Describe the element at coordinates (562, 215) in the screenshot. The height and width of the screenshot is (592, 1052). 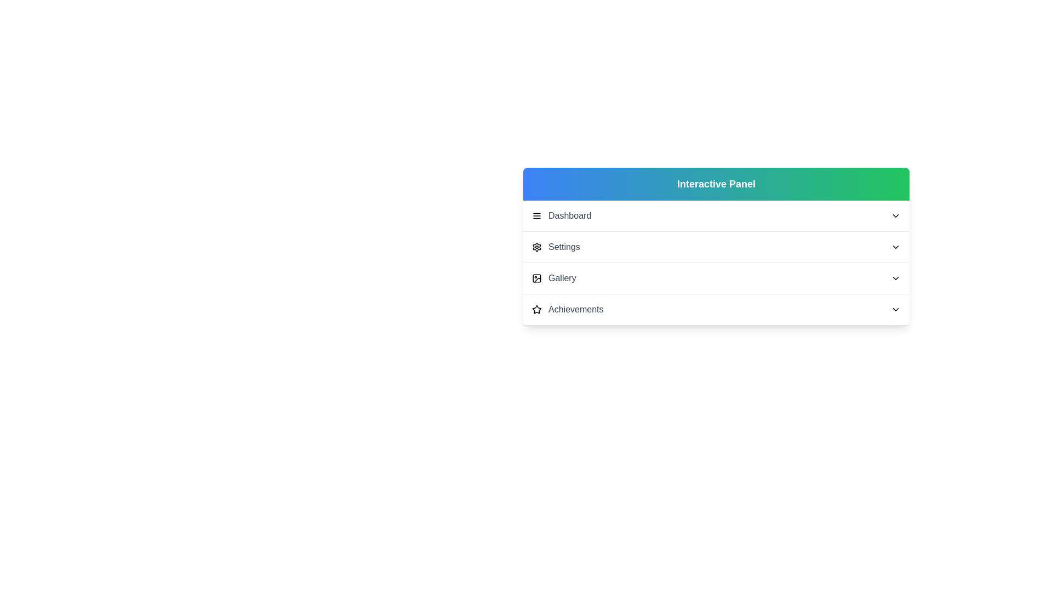
I see `the first menu item in the 'Interactive Panel' navigation list` at that location.